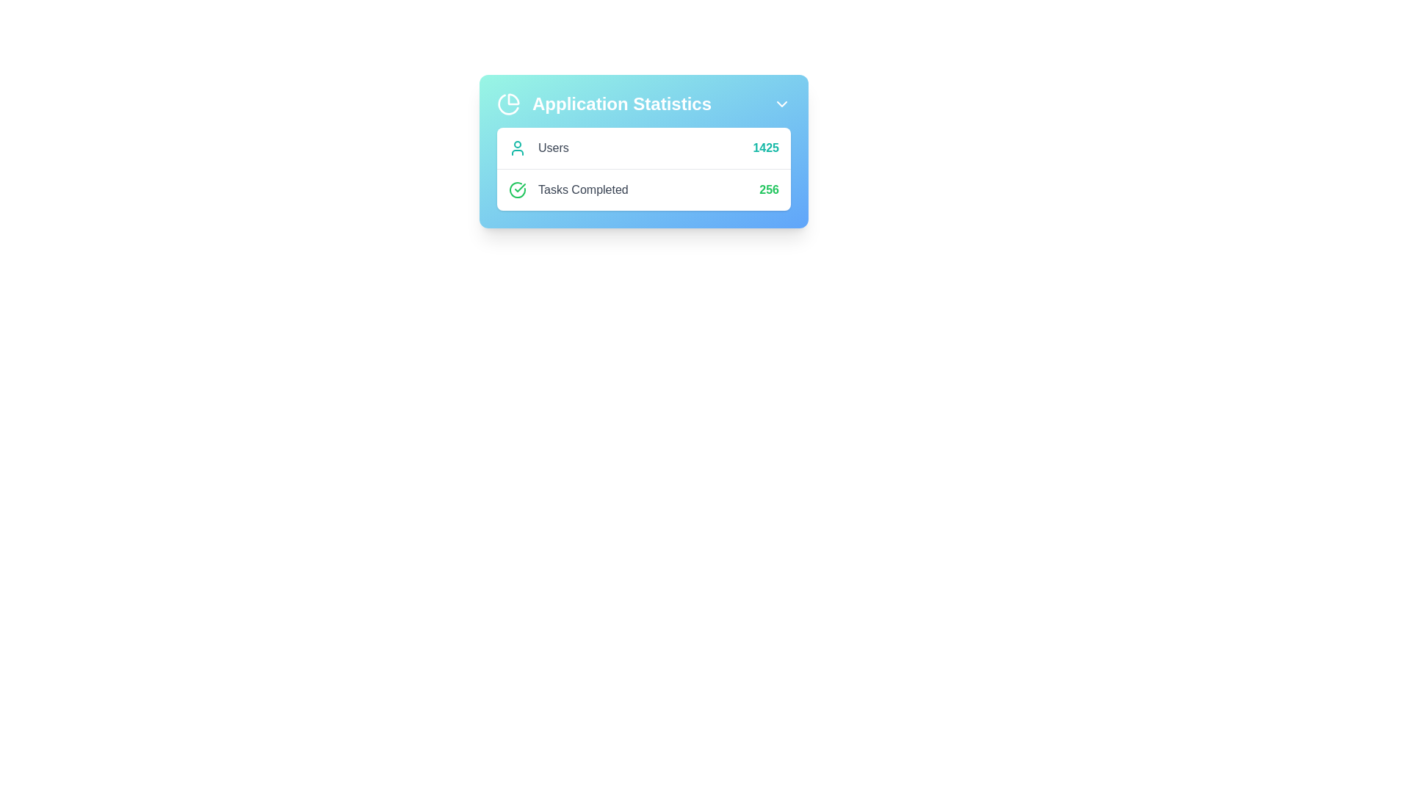 The width and height of the screenshot is (1410, 793). I want to click on the icon button located on the far right side of the 'Application Statistics' header, so click(781, 104).